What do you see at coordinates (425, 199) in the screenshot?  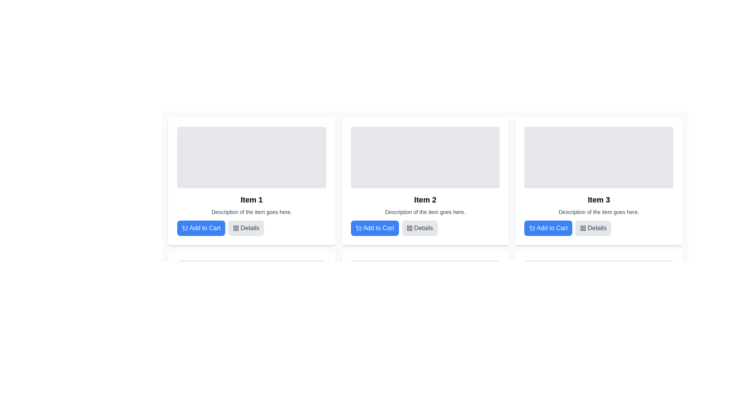 I see `the text label with the content 'Item 2', which is bold and large, located in the upper-middle section of the second card` at bounding box center [425, 199].